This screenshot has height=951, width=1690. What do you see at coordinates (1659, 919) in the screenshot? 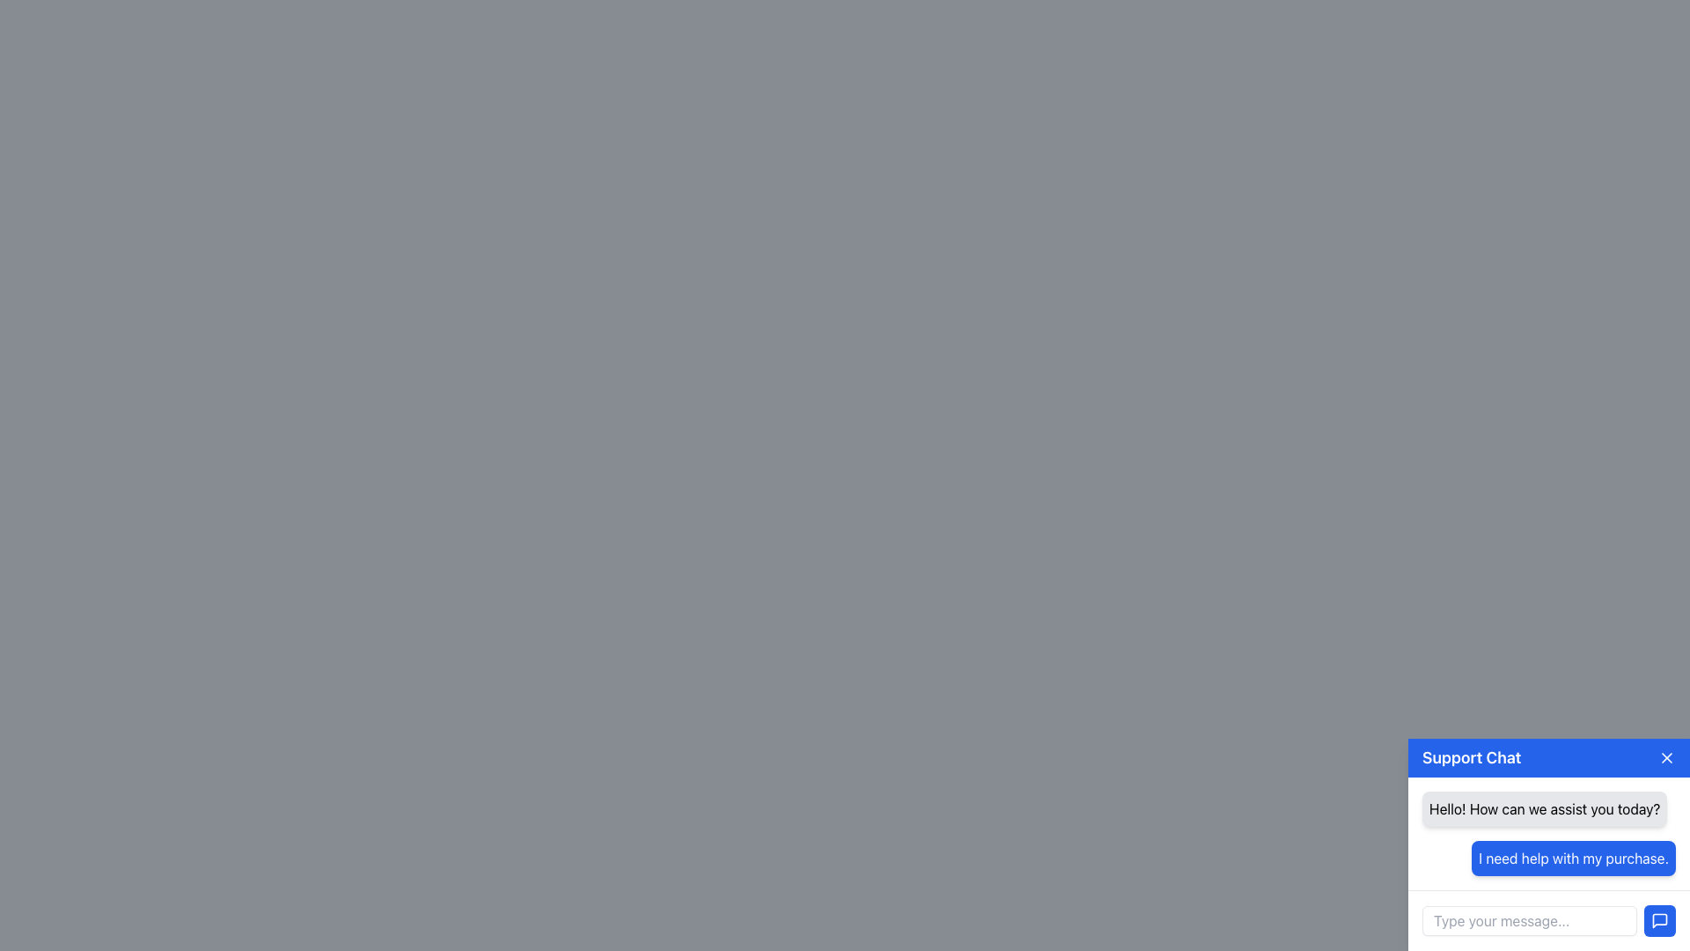
I see `keyboard navigation` at bounding box center [1659, 919].